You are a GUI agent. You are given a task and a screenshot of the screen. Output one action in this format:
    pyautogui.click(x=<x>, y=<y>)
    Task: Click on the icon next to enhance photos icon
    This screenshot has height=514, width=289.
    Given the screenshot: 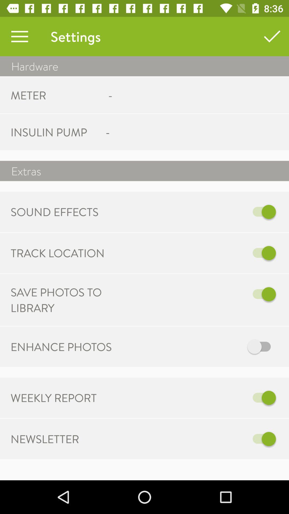 What is the action you would take?
    pyautogui.click(x=200, y=347)
    